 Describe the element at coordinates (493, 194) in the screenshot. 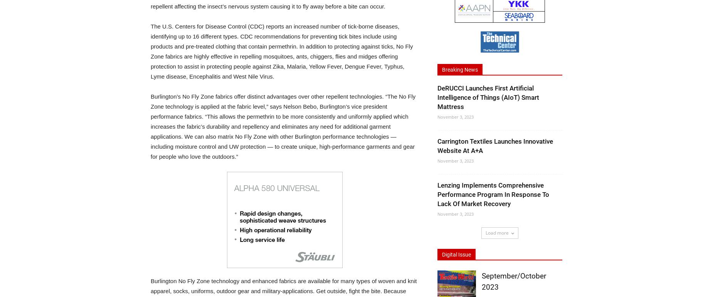

I see `'Lenzing Implements Comprehensive  Performance Program In Response To Lack Of Market Recovery'` at that location.